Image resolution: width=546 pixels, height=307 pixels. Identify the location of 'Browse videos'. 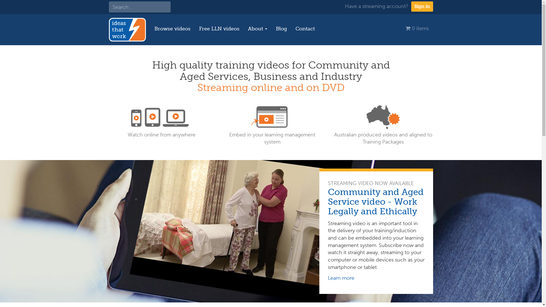
(172, 28).